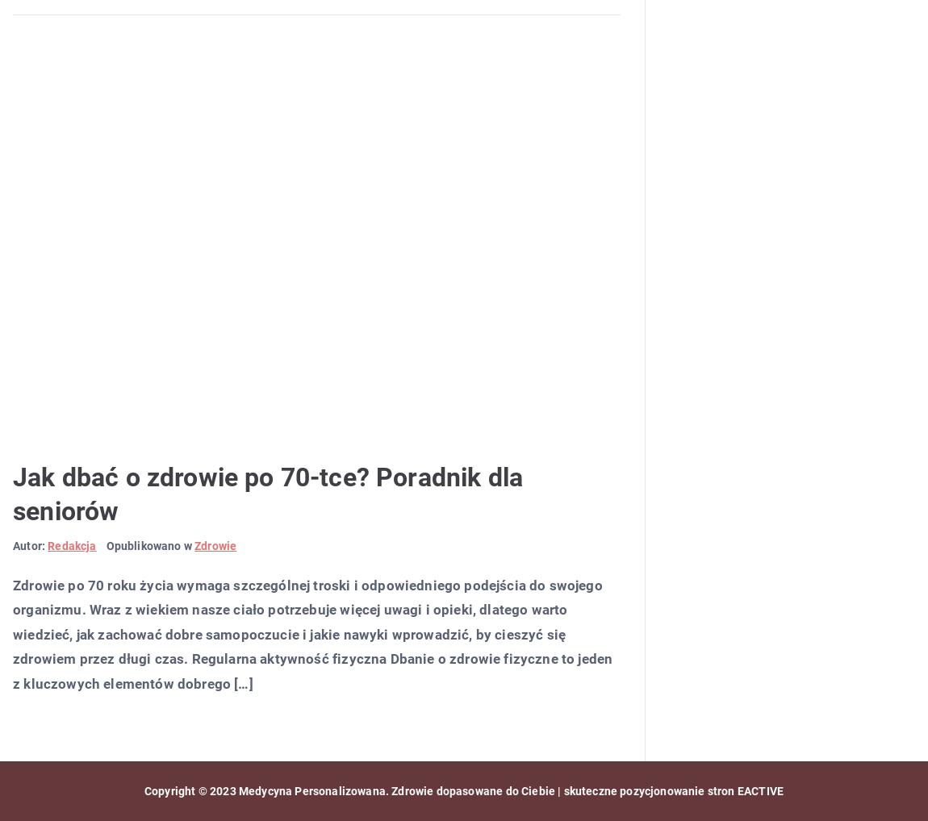 The height and width of the screenshot is (821, 928). What do you see at coordinates (385, 790) in the screenshot?
I see `'. Zdrowie dopasowane do Ciebie |'` at bounding box center [385, 790].